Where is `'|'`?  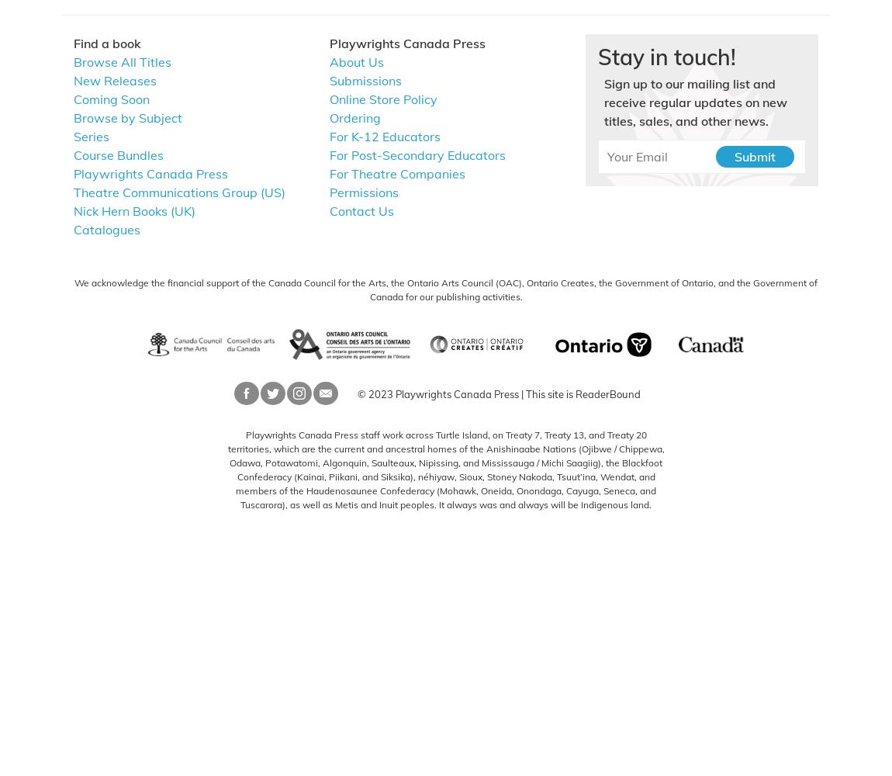
'|' is located at coordinates (520, 393).